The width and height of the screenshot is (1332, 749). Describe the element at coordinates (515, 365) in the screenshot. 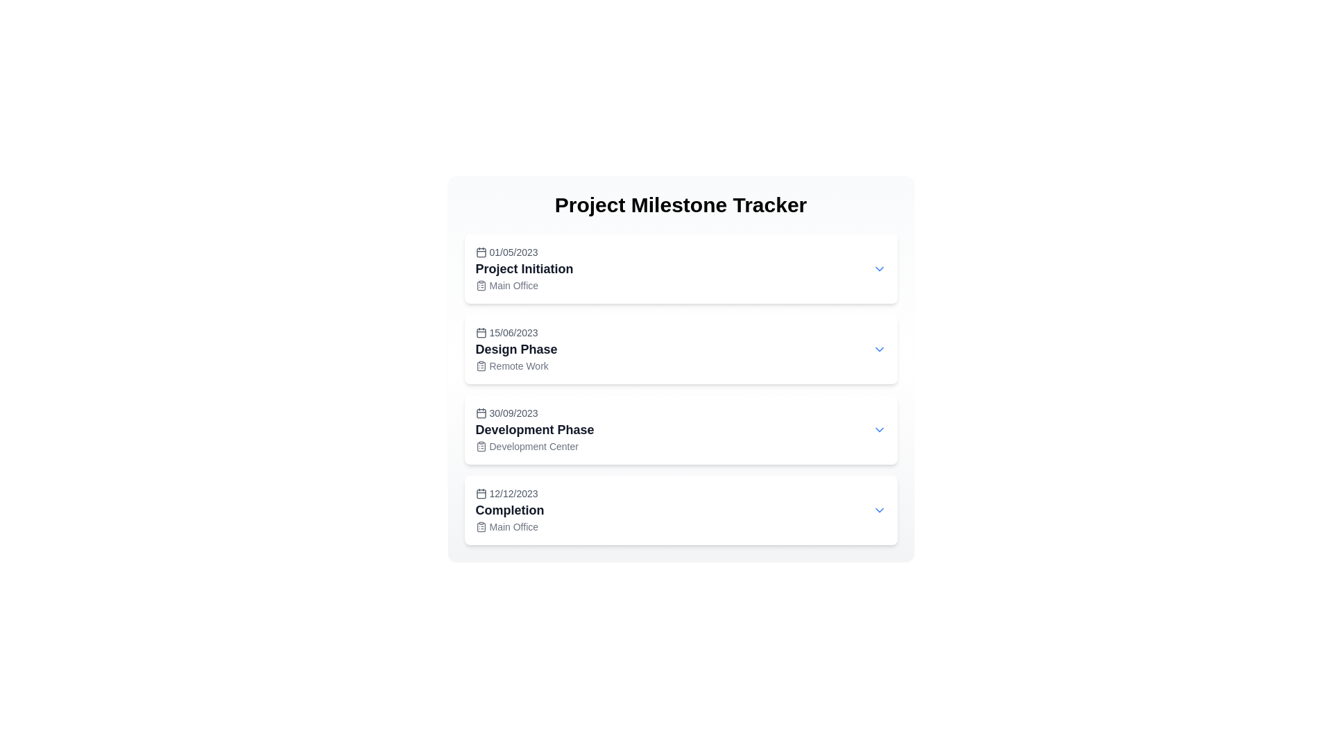

I see `the Label with supporting icon that indicates the work mode associated with the 'Design Phase' milestone, located below the 'Design Phase' title and calendar icon displaying '15/06/2023'` at that location.